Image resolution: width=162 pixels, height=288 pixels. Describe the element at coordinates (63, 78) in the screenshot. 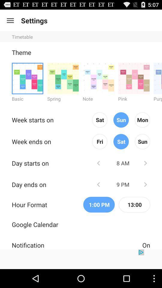

I see `spring theme` at that location.